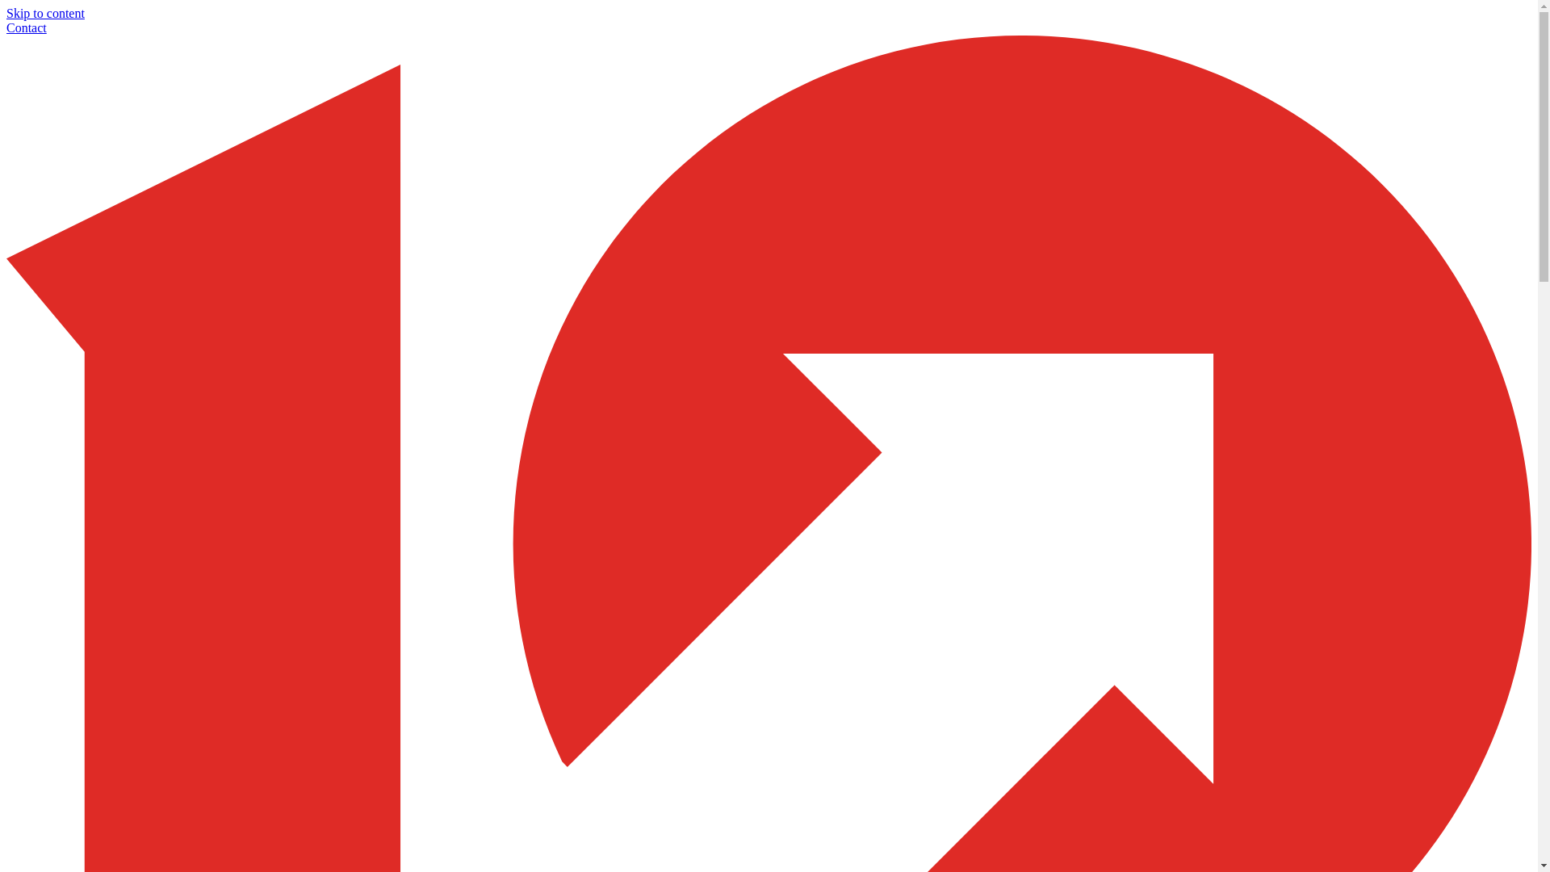 The width and height of the screenshot is (1550, 872). I want to click on 'Contact', so click(27, 27).